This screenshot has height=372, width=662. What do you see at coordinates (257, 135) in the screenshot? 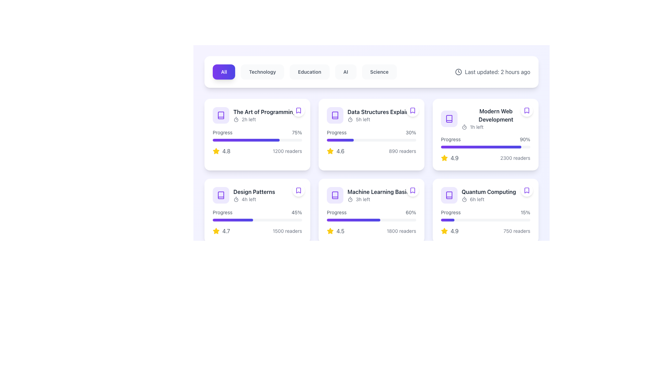
I see `progress value from the horizontal progress indicator displaying '75%' to the right of the label 'Progress', which is located beneath 'The Art of Programming' and '2h left'` at bounding box center [257, 135].